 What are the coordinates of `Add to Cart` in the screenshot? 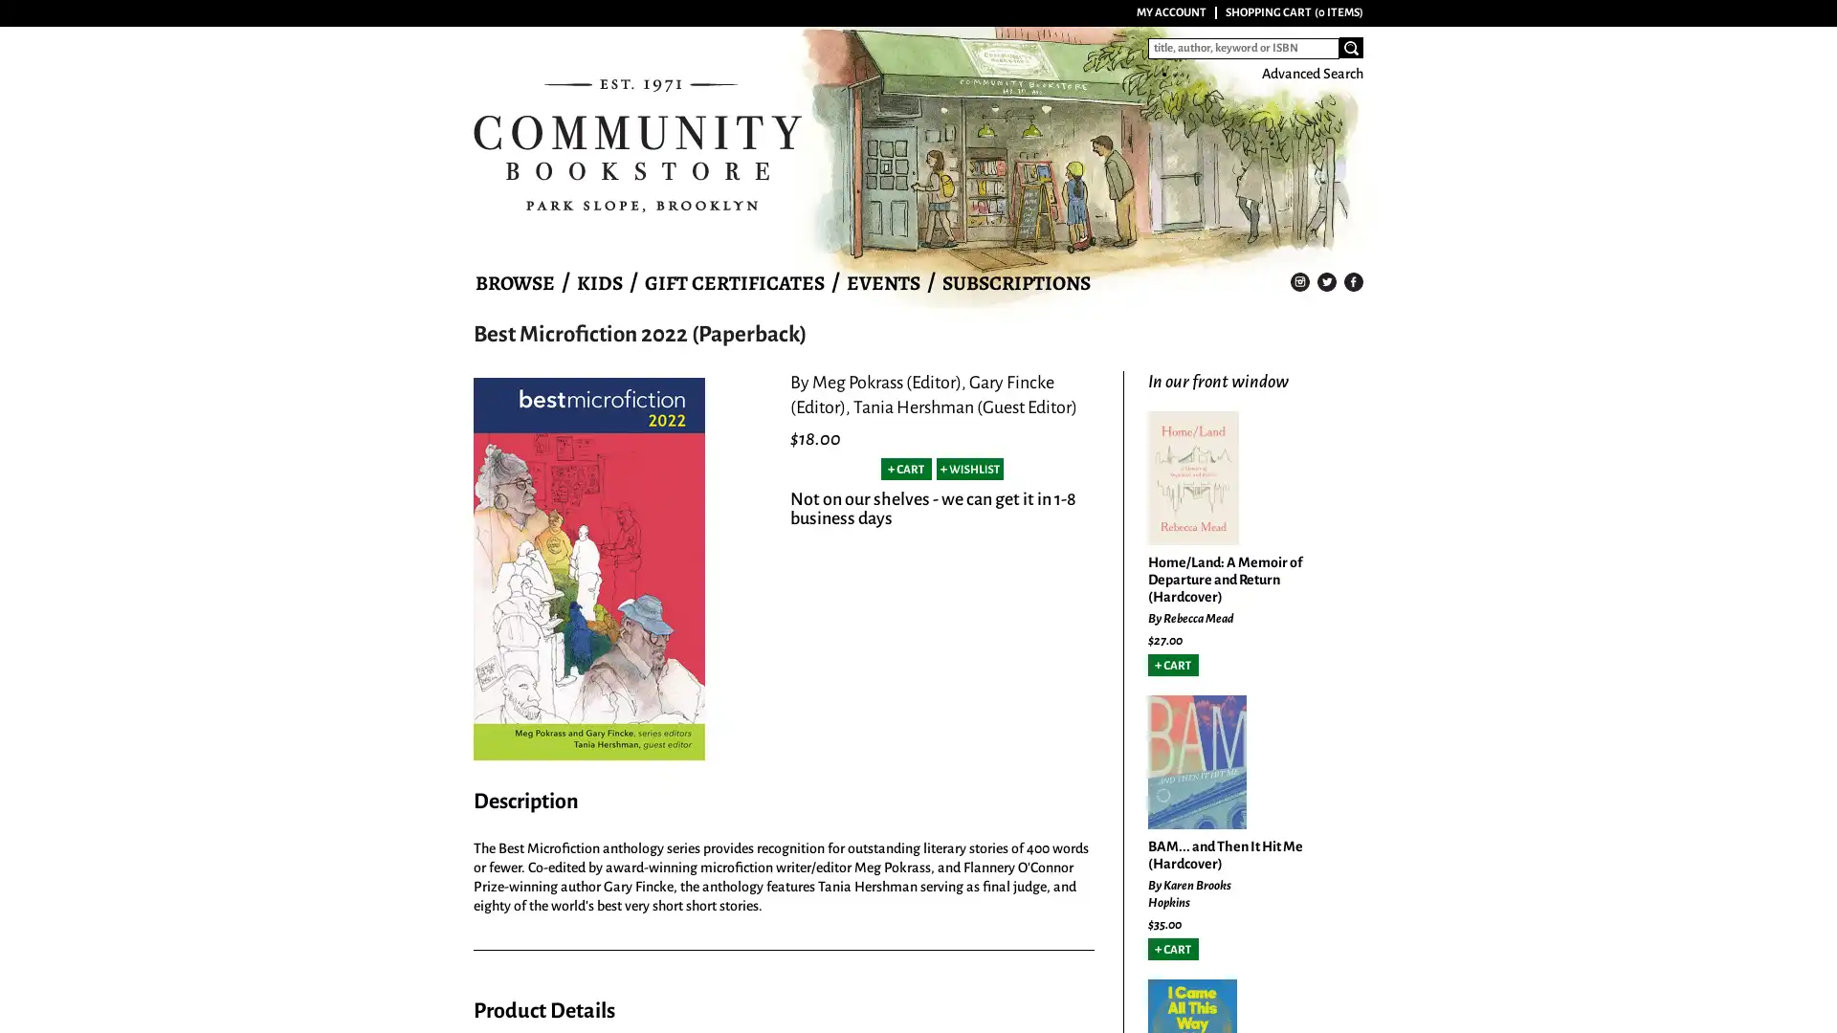 It's located at (905, 469).